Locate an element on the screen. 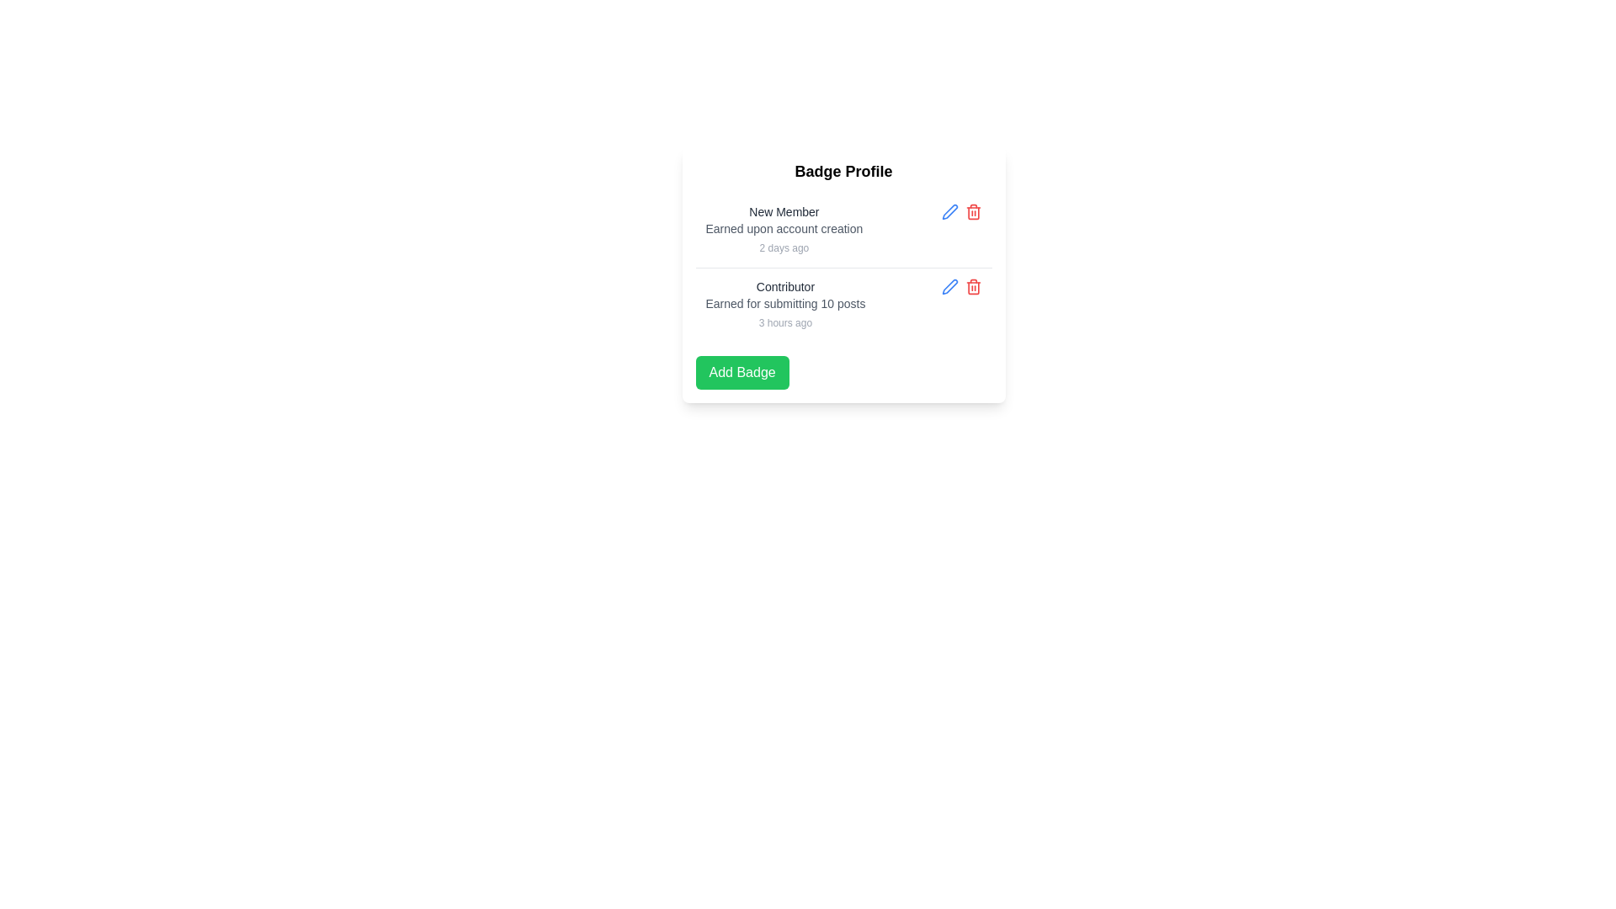 This screenshot has width=1616, height=909. the small, gray-colored text label reading '2 days ago' located in the 'New Member' section of the badge profile card, which is the third line of text below 'New Member' and 'Earned upon account creation' is located at coordinates (783, 247).